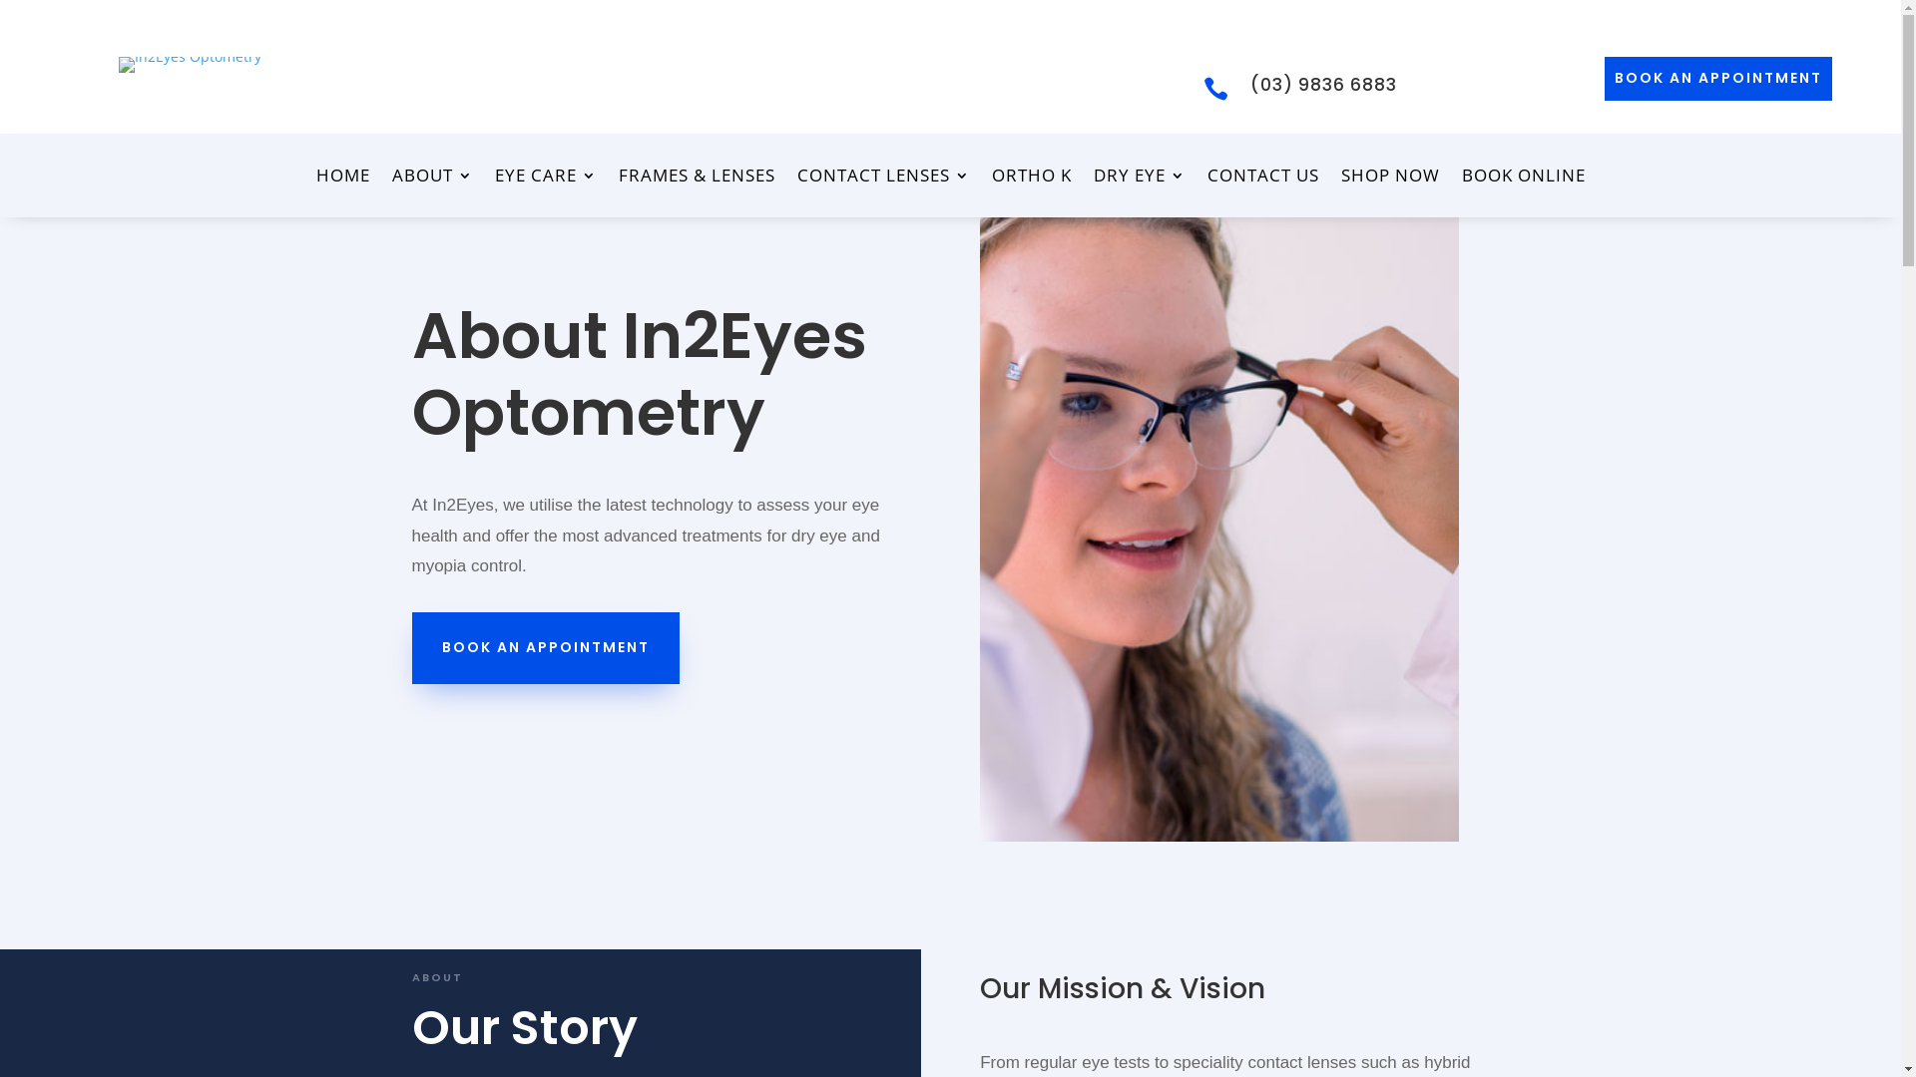 This screenshot has height=1077, width=1916. Describe the element at coordinates (1389, 179) in the screenshot. I see `'SHOP NOW'` at that location.